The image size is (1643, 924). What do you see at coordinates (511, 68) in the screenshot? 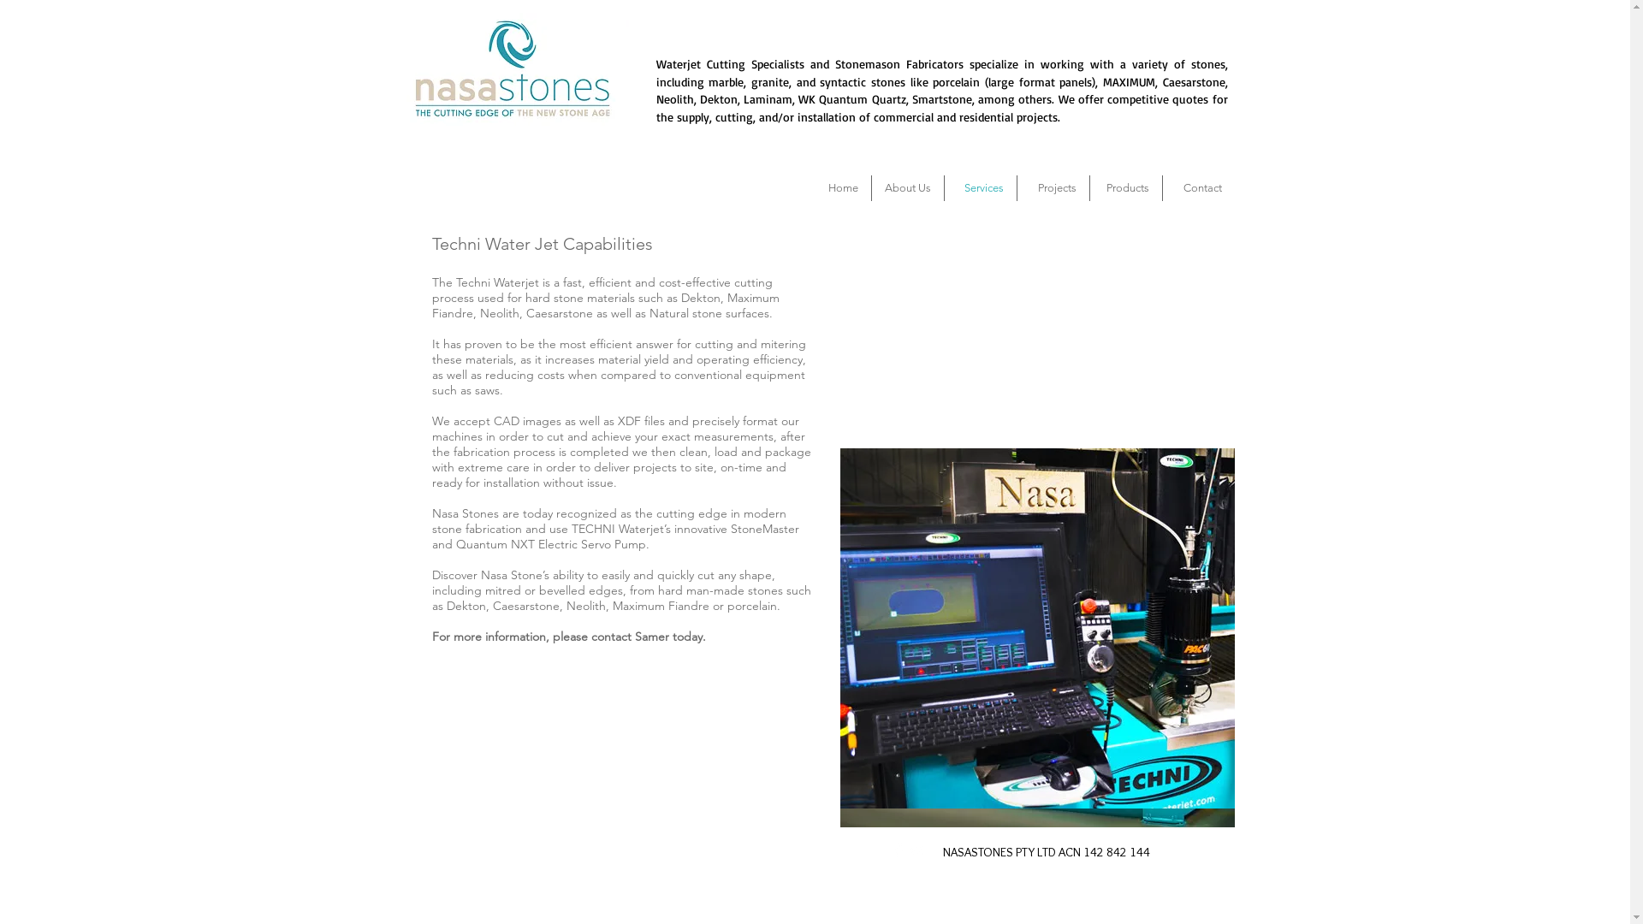
I see `'Nasastones-2-COLOUR-Logo.jpg'` at bounding box center [511, 68].